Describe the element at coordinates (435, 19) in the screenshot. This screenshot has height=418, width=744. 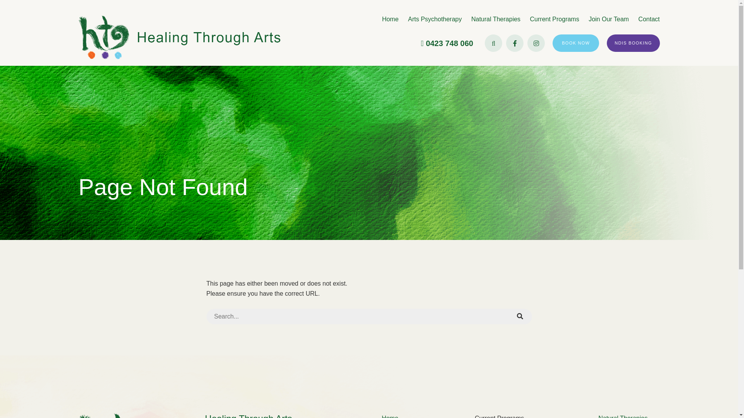
I see `'Arts Psychotherapy'` at that location.